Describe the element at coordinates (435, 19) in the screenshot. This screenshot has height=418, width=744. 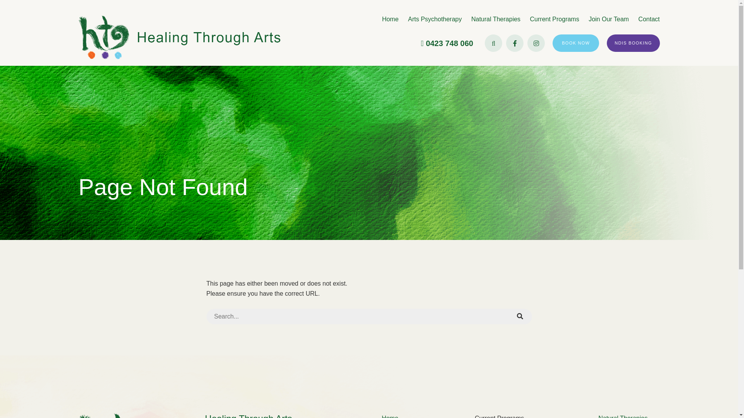
I see `'Arts Psychotherapy'` at that location.